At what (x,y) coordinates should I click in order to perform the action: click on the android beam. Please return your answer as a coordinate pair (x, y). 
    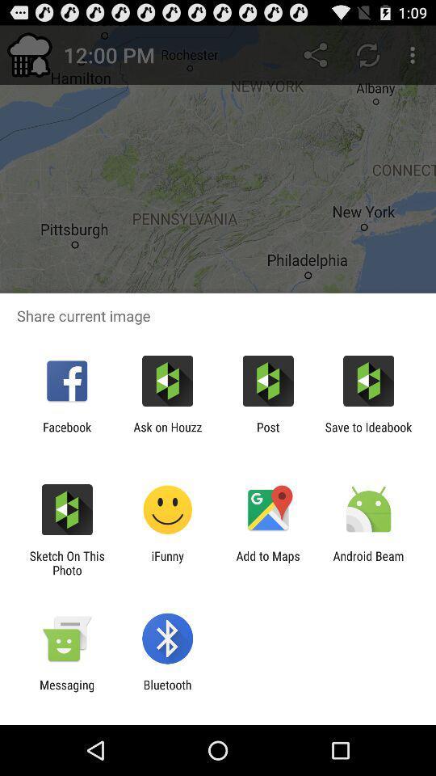
    Looking at the image, I should click on (368, 563).